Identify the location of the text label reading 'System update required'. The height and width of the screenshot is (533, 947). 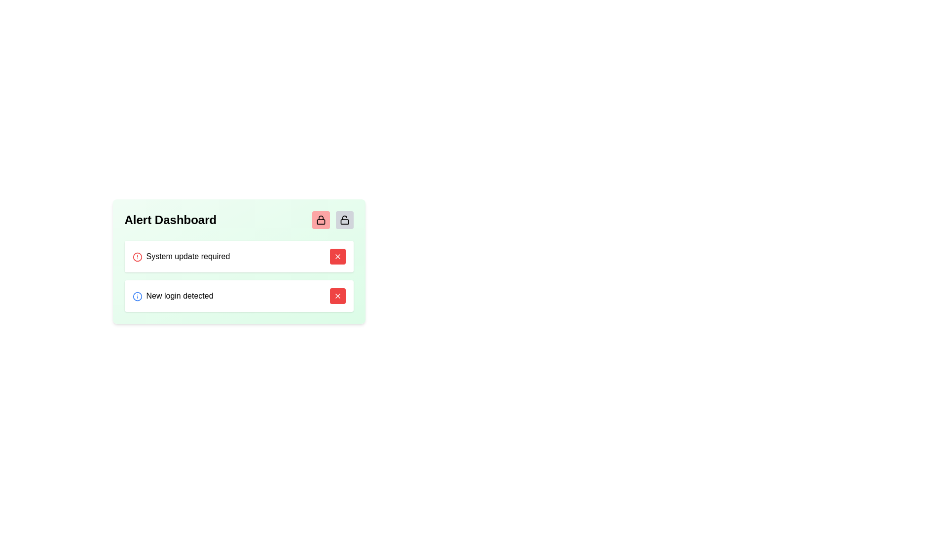
(181, 256).